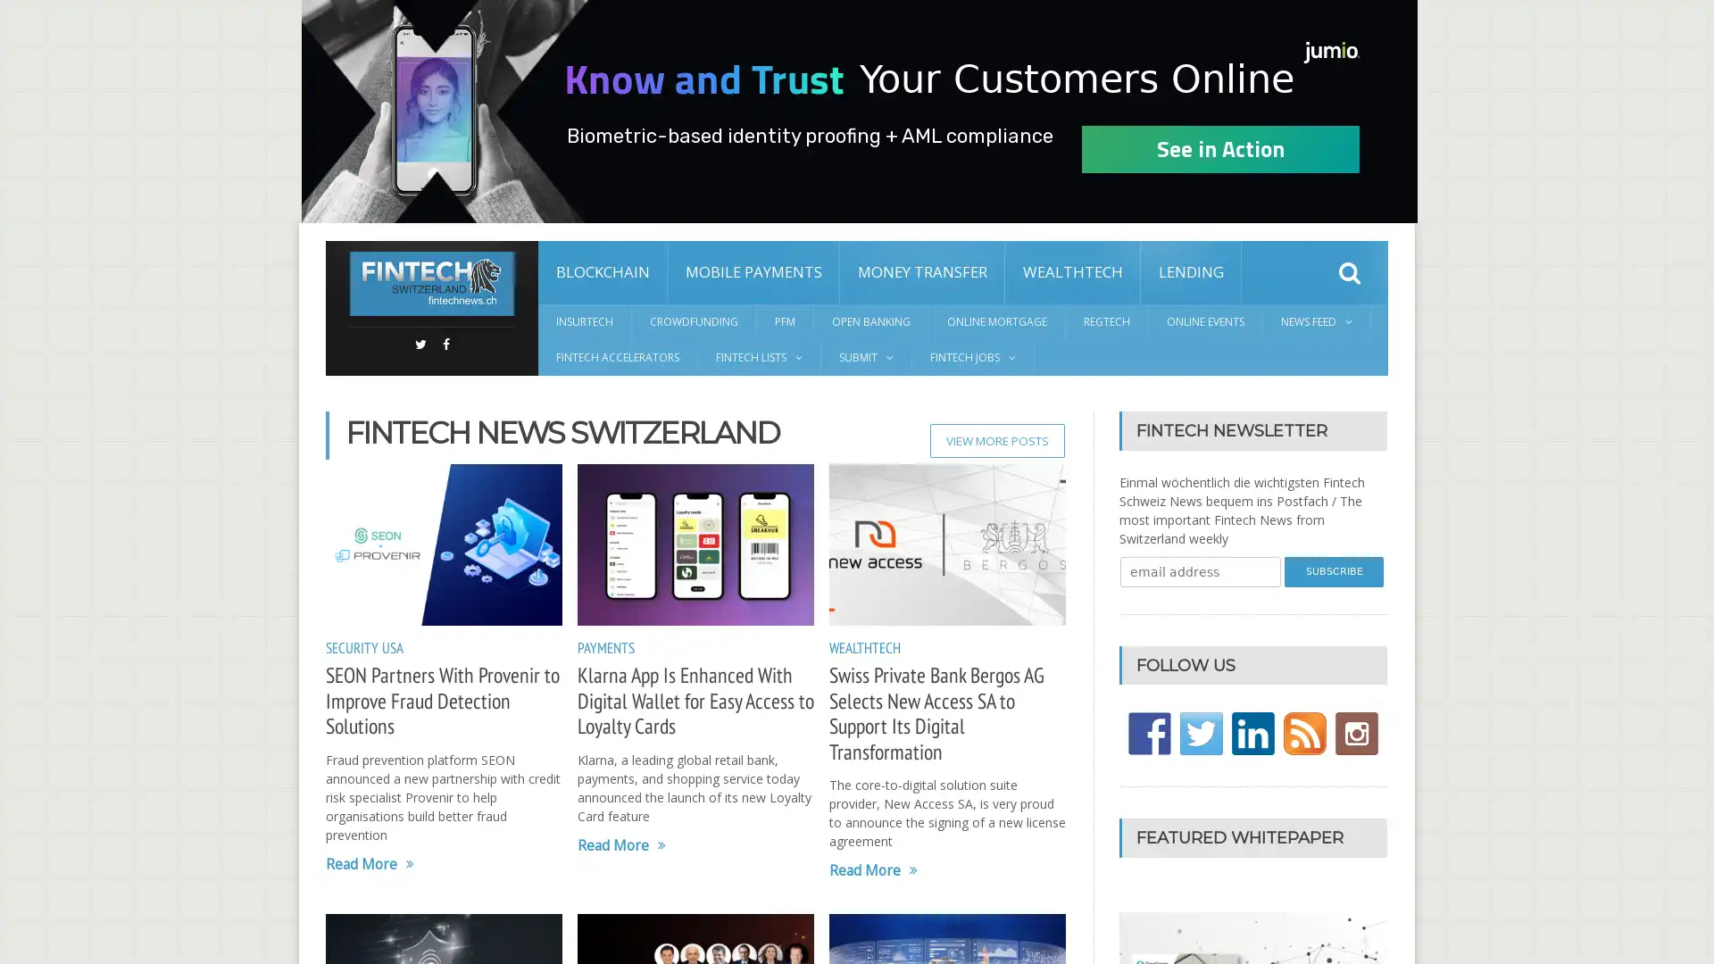  What do you see at coordinates (1334, 571) in the screenshot?
I see `Subscribe` at bounding box center [1334, 571].